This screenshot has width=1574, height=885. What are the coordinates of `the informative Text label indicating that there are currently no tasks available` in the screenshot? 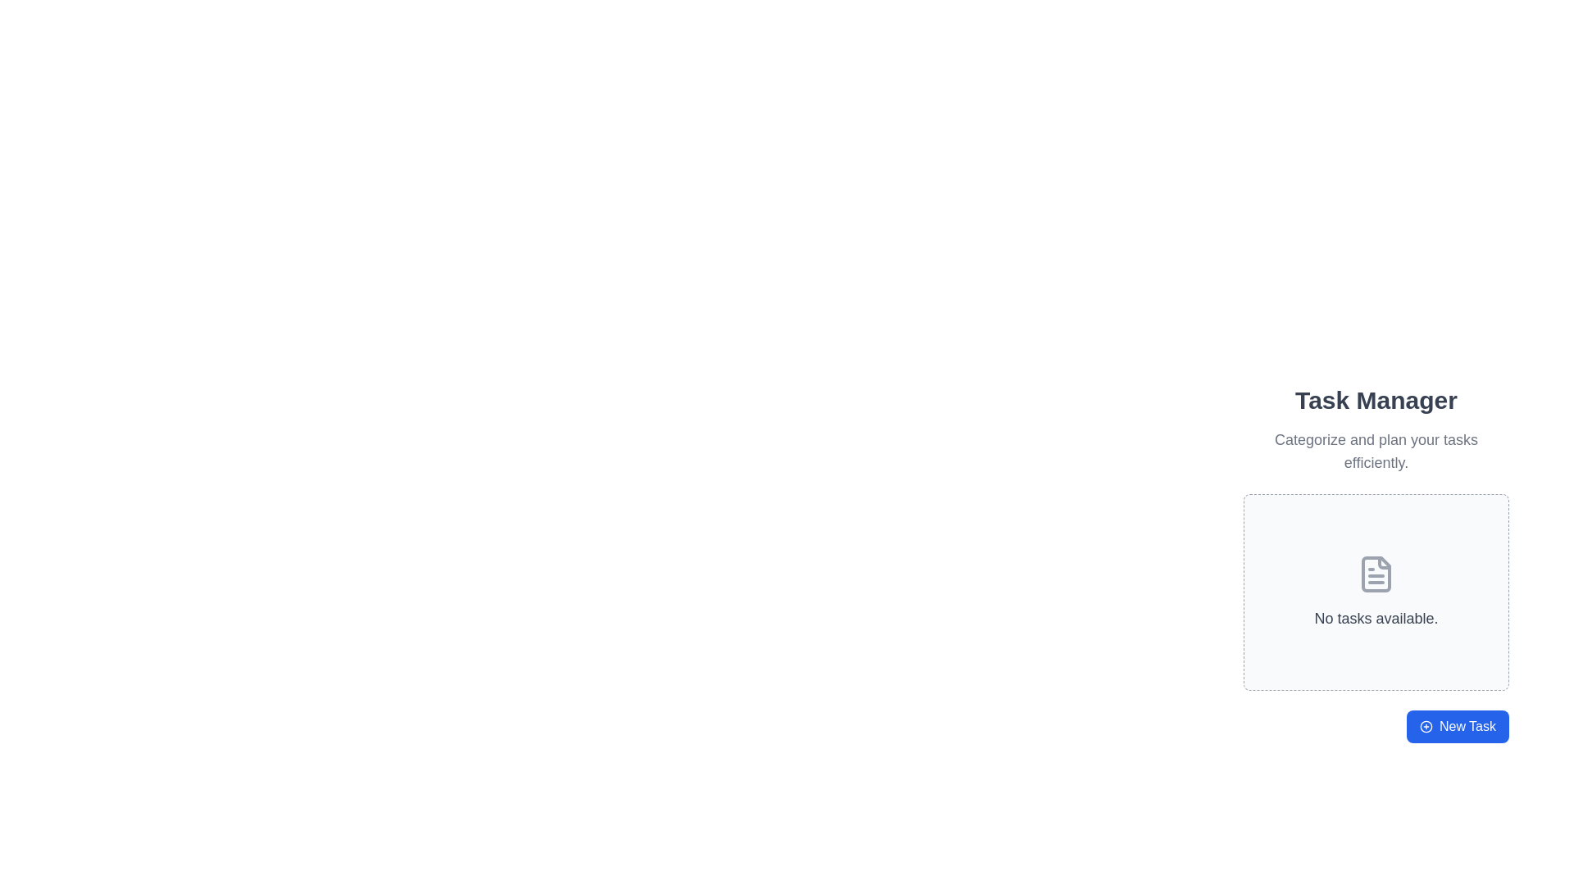 It's located at (1376, 619).